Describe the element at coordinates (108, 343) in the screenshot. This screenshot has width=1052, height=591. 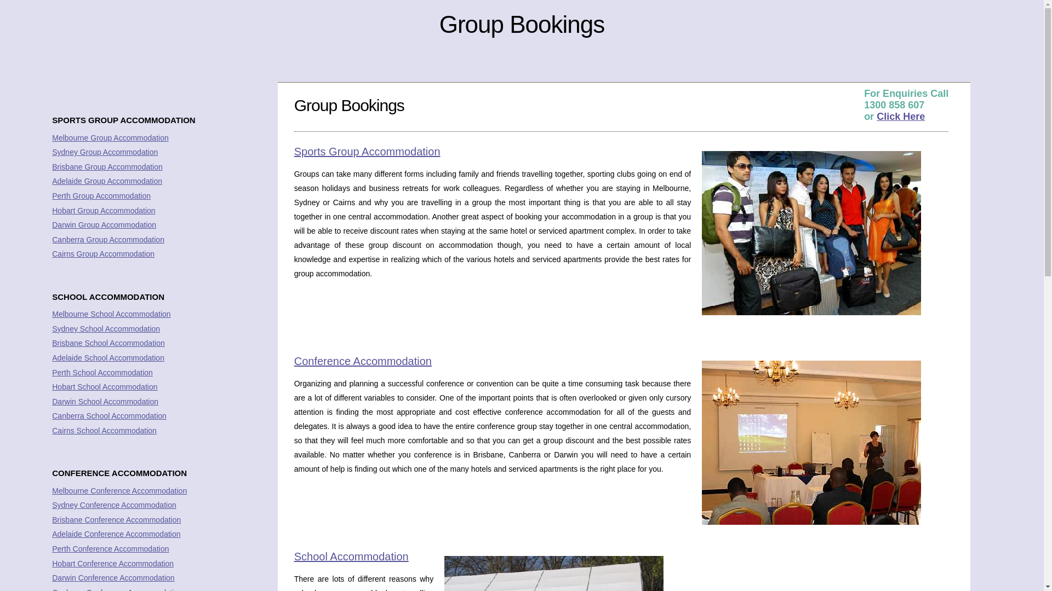
I see `'Brisbane School Accommodation'` at that location.